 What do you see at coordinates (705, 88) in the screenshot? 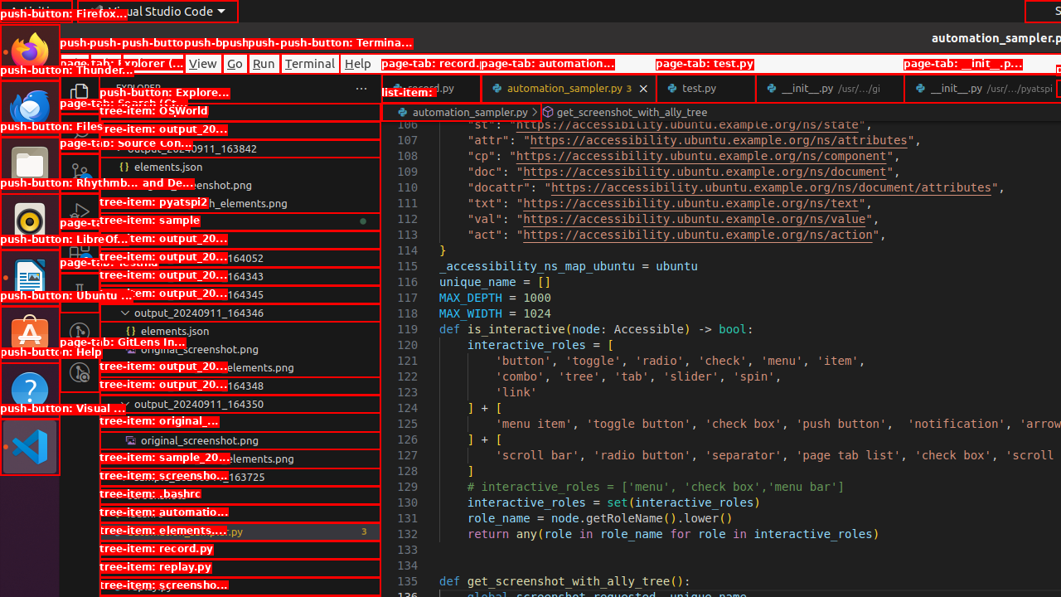
I see `'test.py'` at bounding box center [705, 88].